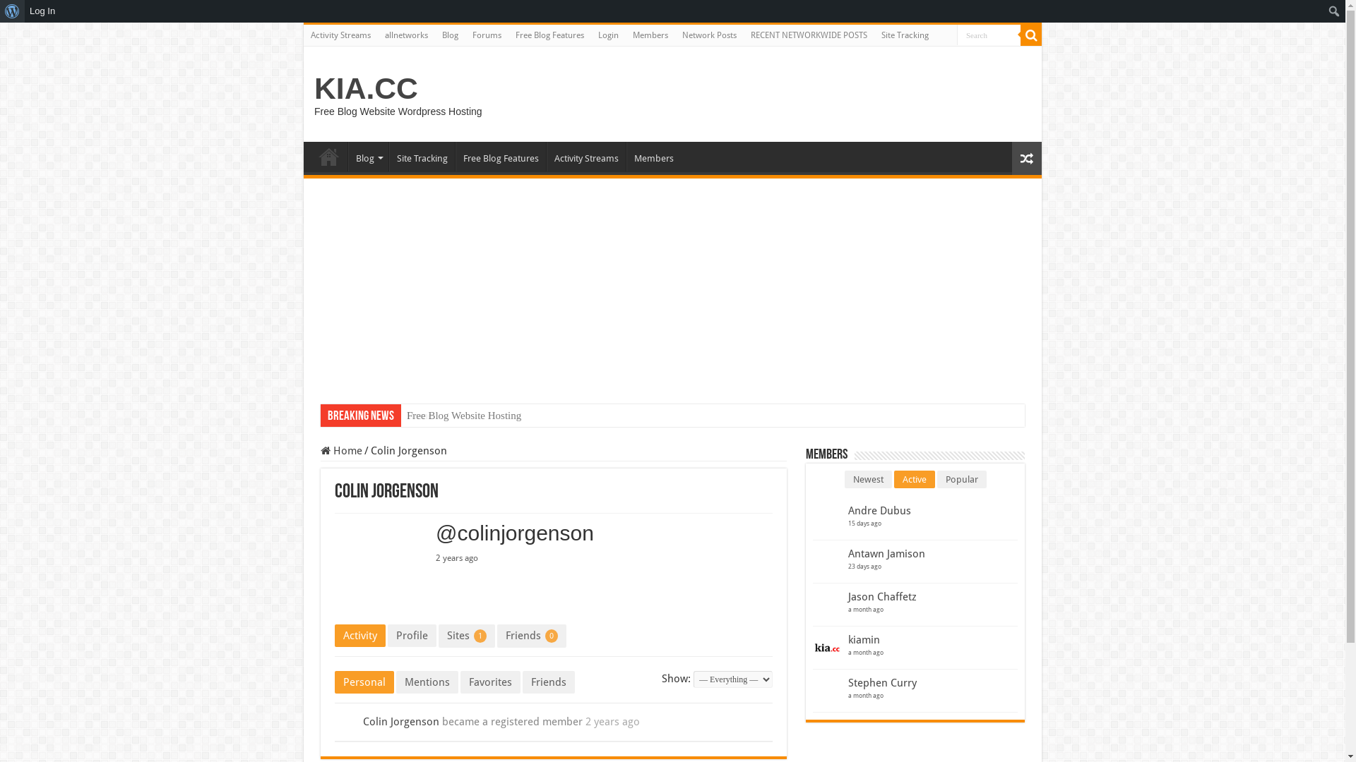  I want to click on 'Search', so click(988, 34).